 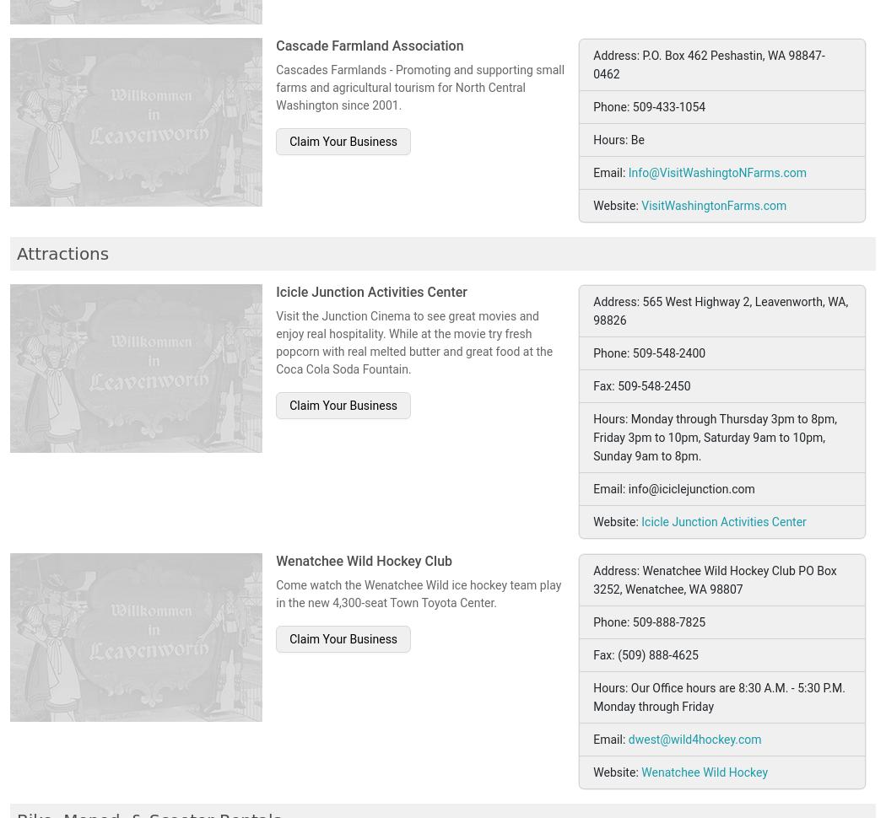 What do you see at coordinates (402, 40) in the screenshot?
I see `'Leavenworth Horseback Riding and Sleigh Rides'` at bounding box center [402, 40].